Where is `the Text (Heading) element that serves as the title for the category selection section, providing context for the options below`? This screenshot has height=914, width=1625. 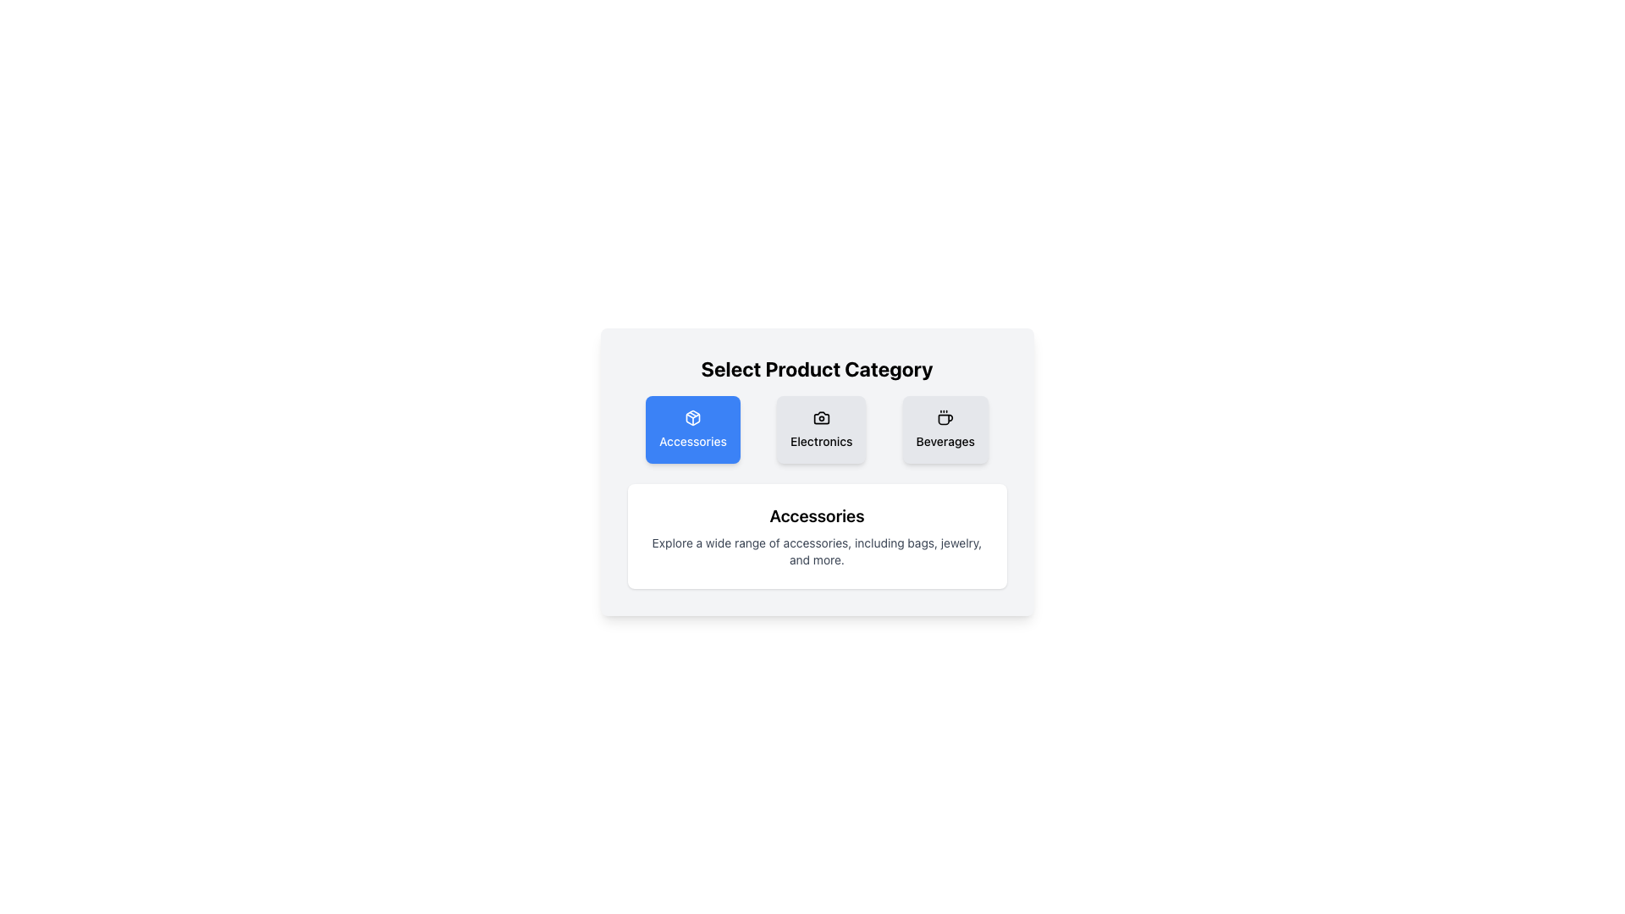
the Text (Heading) element that serves as the title for the category selection section, providing context for the options below is located at coordinates (817, 367).